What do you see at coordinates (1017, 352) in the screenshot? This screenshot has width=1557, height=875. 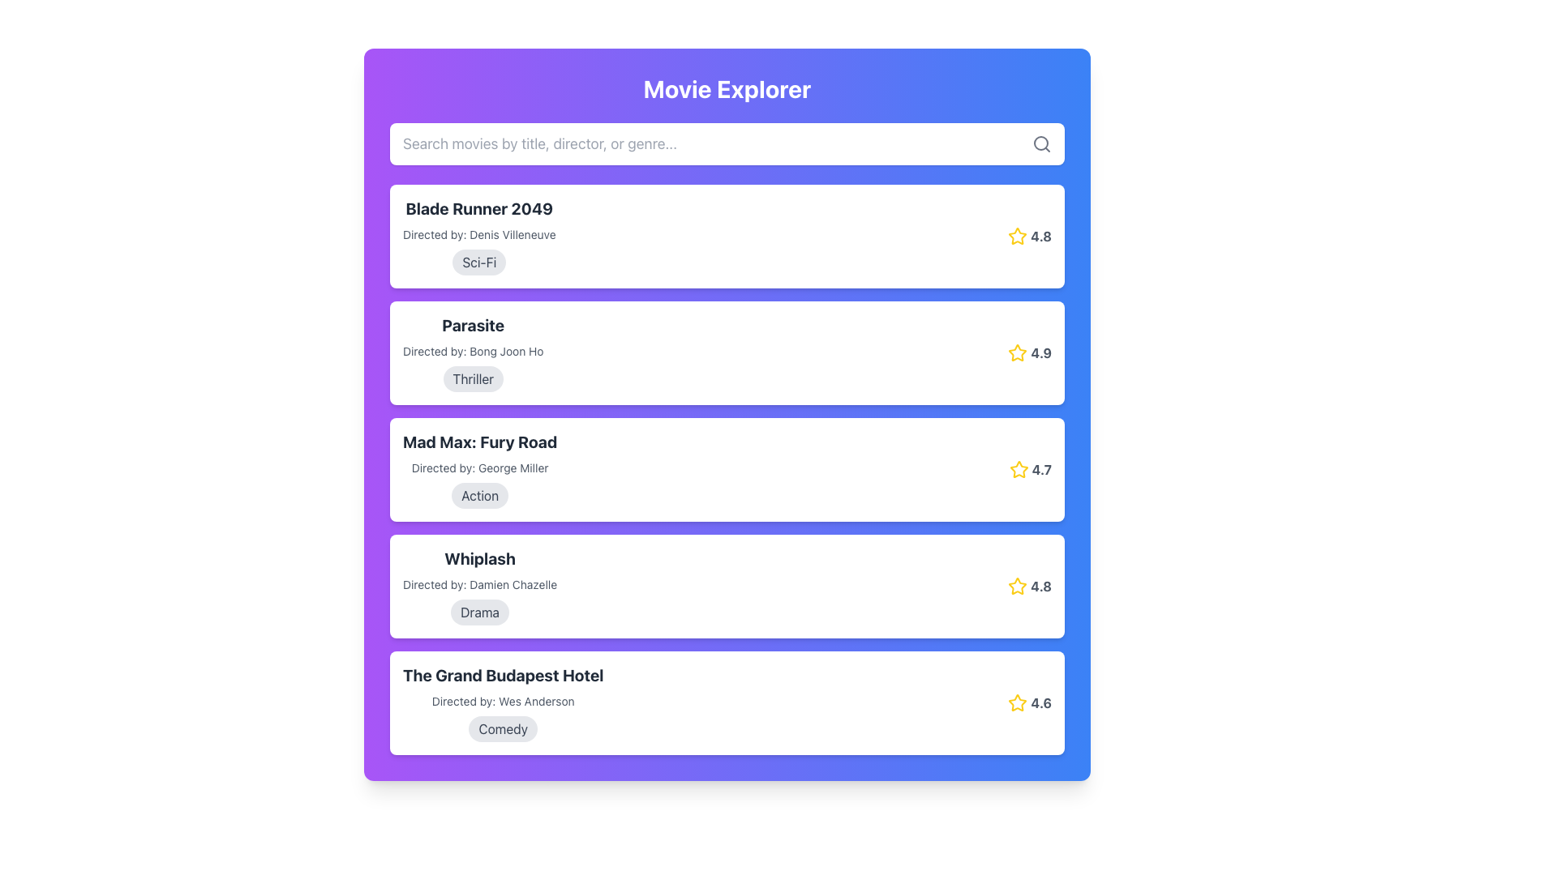 I see `the yellow star-shaped icon with a hollow interior located on the right-hand side of the second movie entry, next to the rating number '4.9'` at bounding box center [1017, 352].